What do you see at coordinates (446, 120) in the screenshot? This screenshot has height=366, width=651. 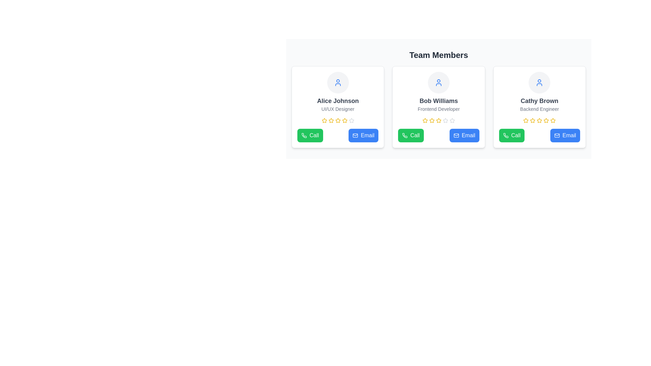 I see `the fifth star icon representing no active rating for the 'Bob Williams' profile in the 'Team Members' section` at bounding box center [446, 120].